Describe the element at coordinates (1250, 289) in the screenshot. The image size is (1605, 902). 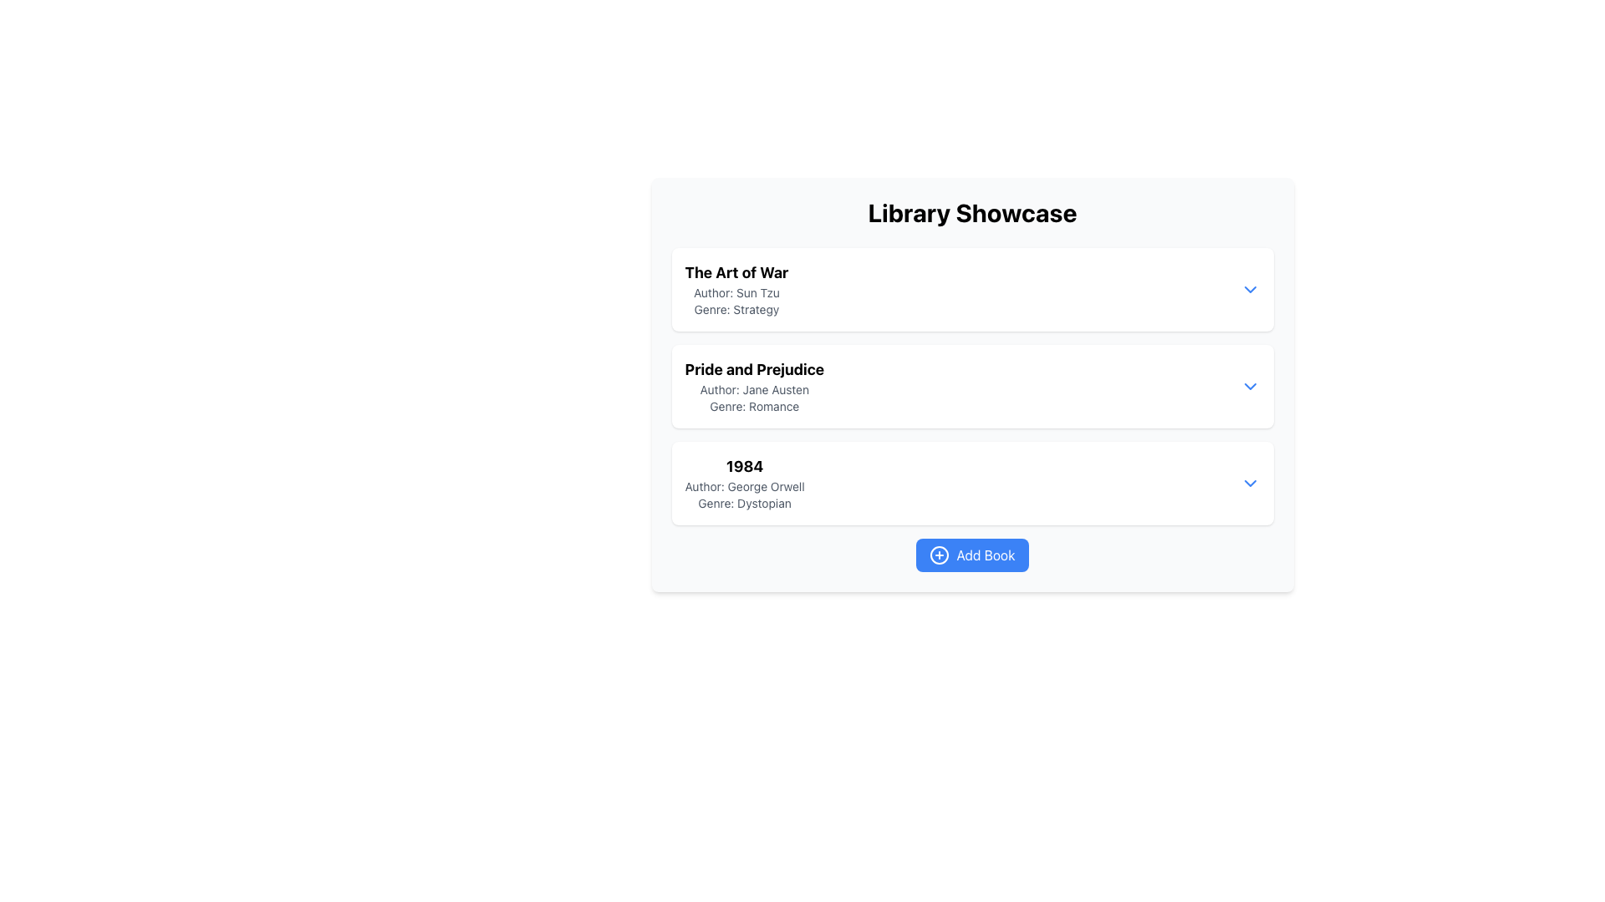
I see `the interactive icon located on the far-right side of the bar mentioning 'The Art of War'` at that location.